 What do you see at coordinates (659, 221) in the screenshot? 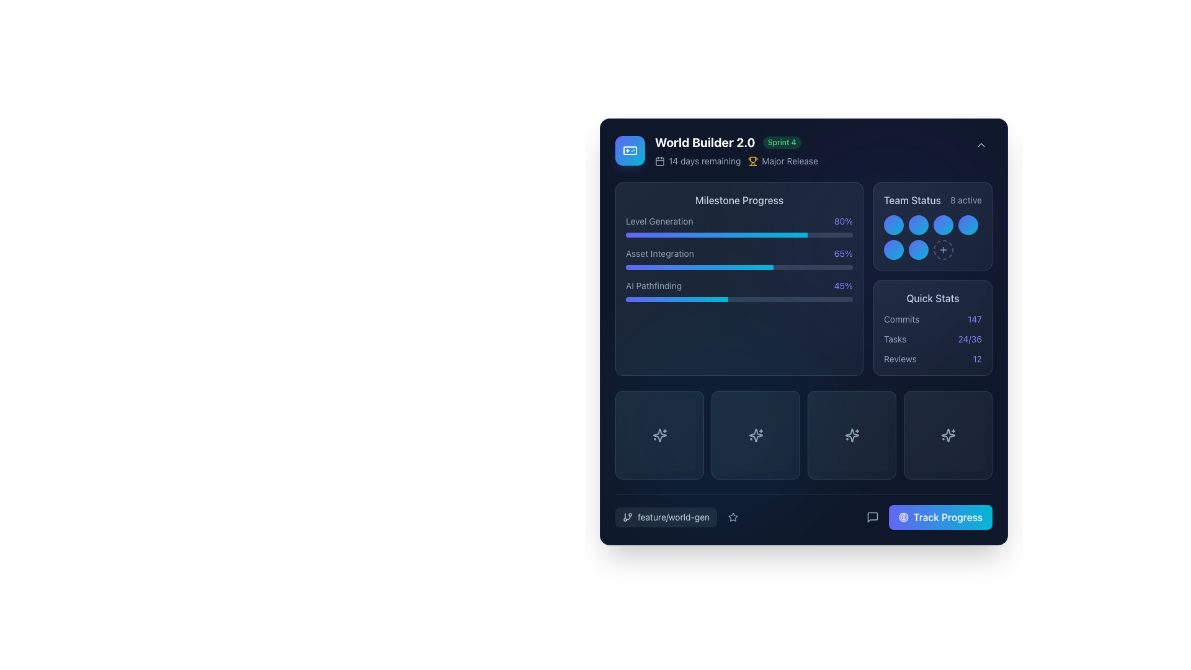
I see `the 'Level Generation' text label located in the 'Milestone Progress' section, positioned to the left of the '80%' text indicator` at bounding box center [659, 221].